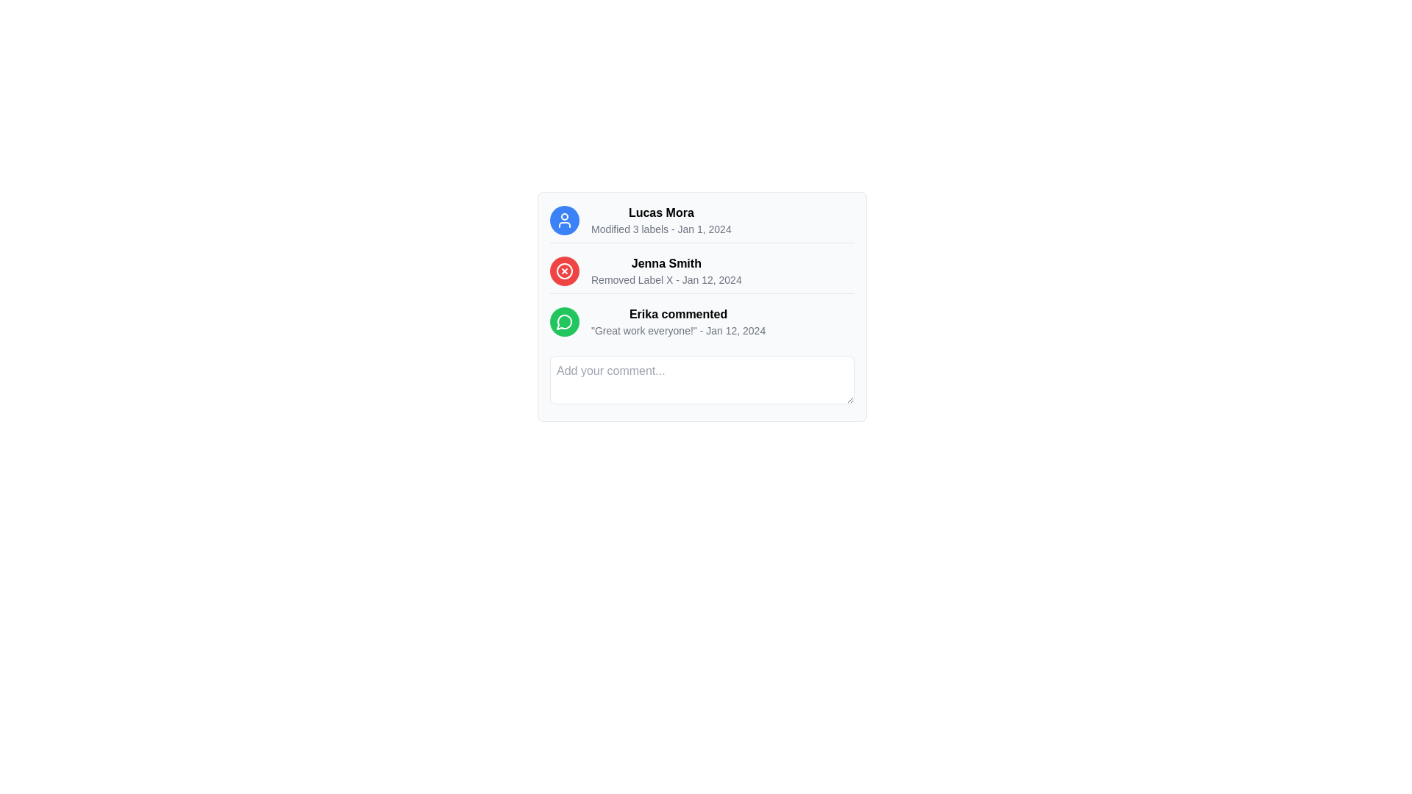  I want to click on text label that informs the user about a comment made by Erika, which is located below Jenna Smith's action and above Erika's quote, so click(677, 314).